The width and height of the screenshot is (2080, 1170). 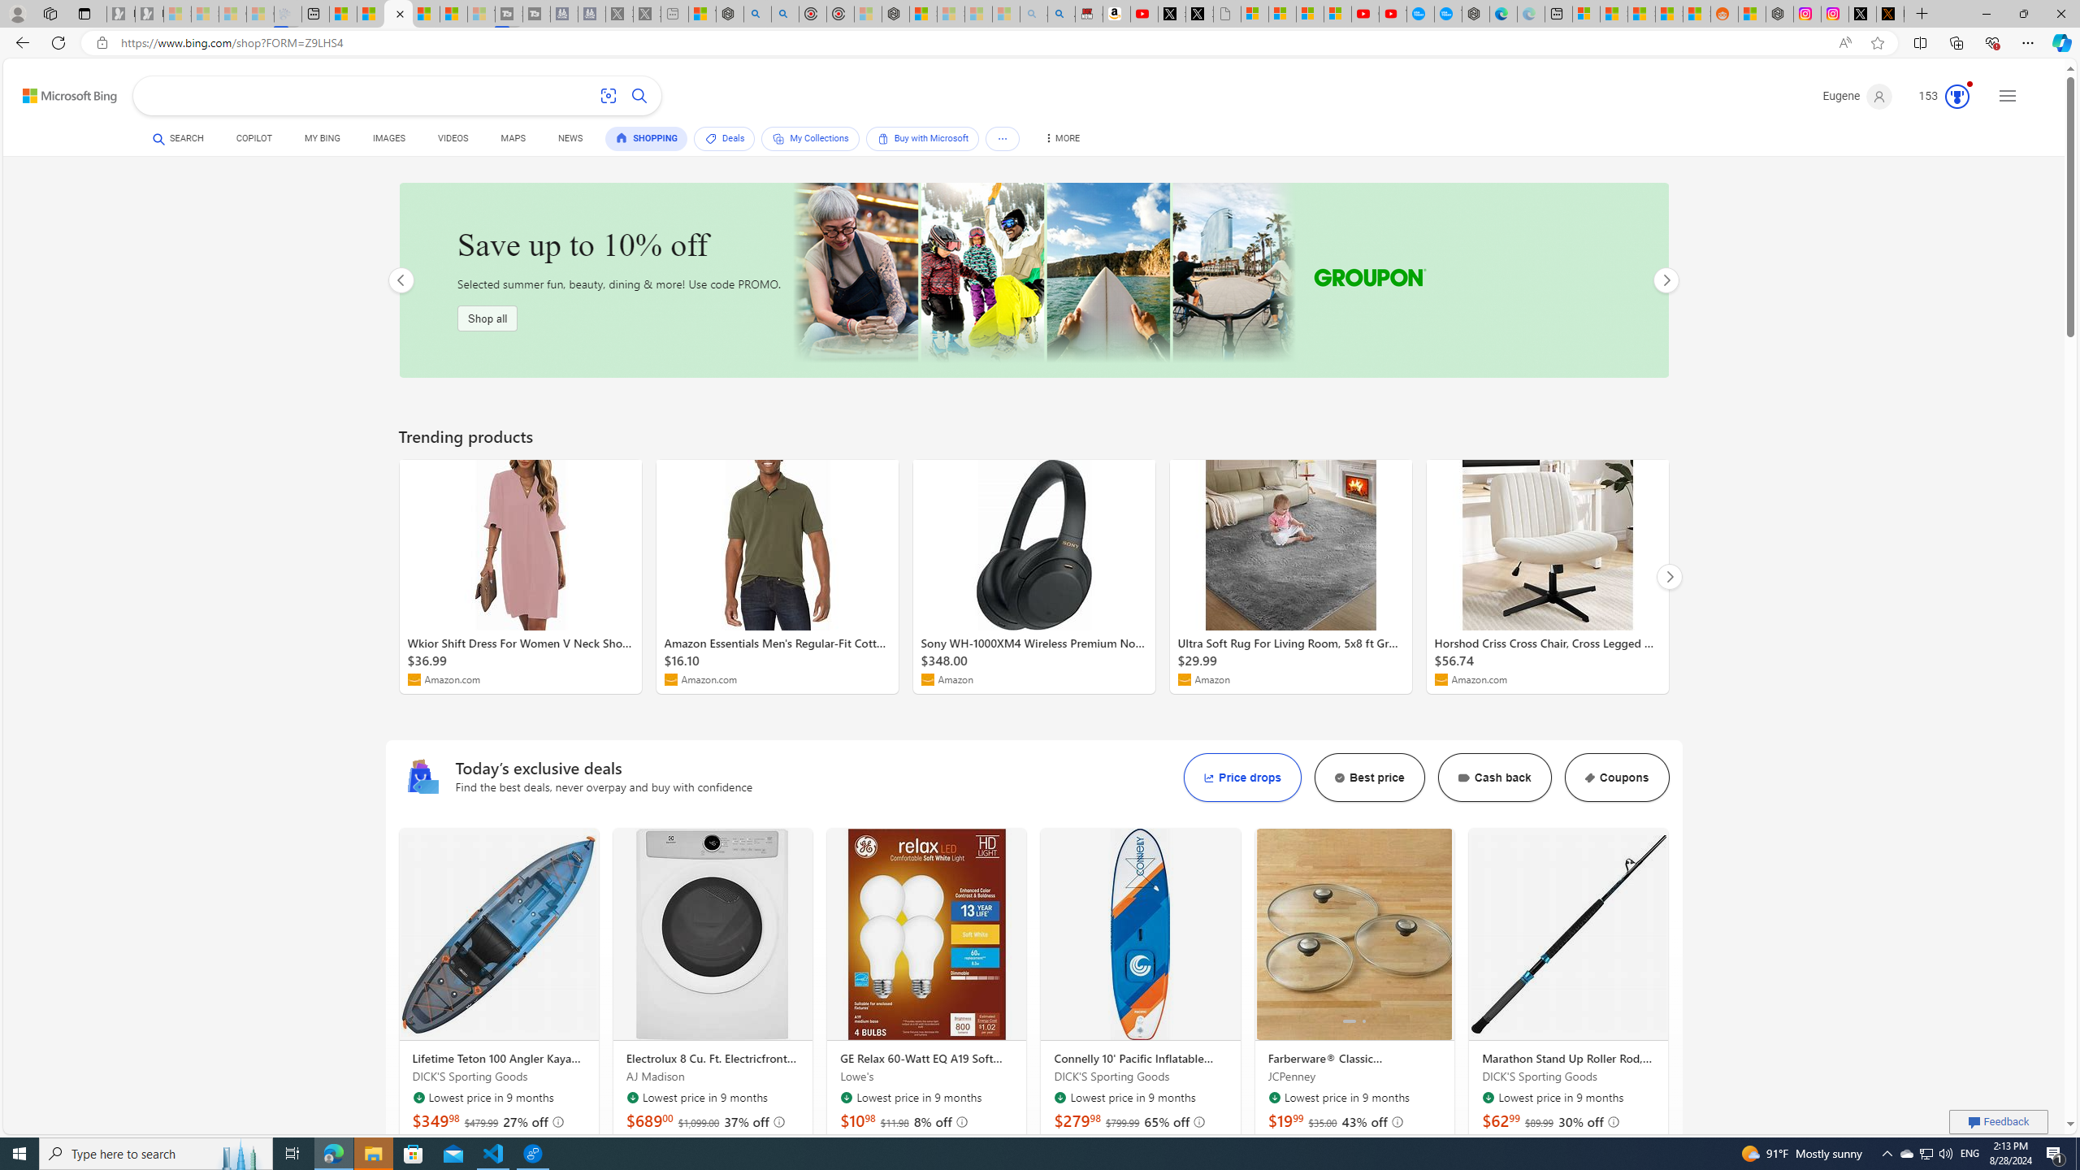 What do you see at coordinates (809, 137) in the screenshot?
I see `'My Collections'` at bounding box center [809, 137].